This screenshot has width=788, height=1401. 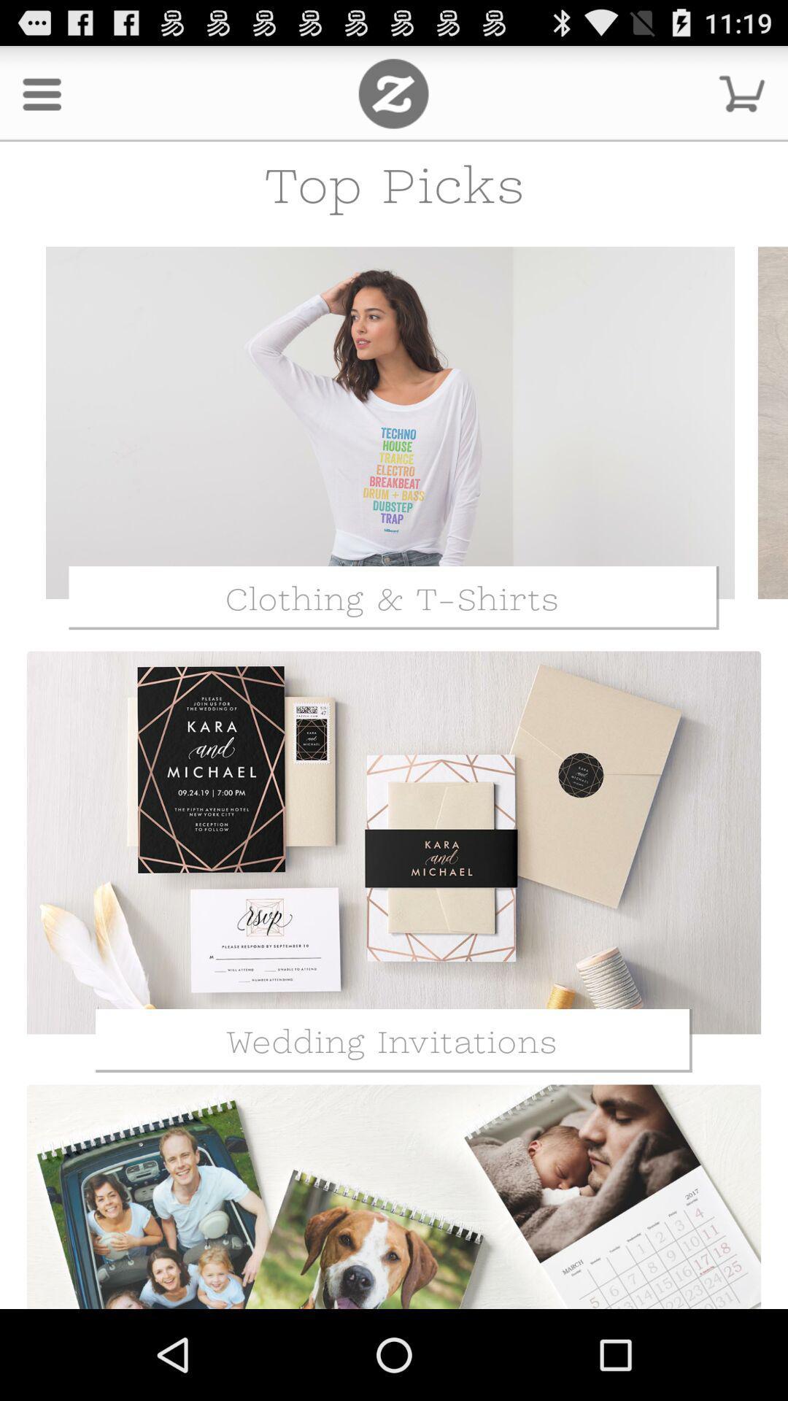 I want to click on the menu icon, so click(x=41, y=99).